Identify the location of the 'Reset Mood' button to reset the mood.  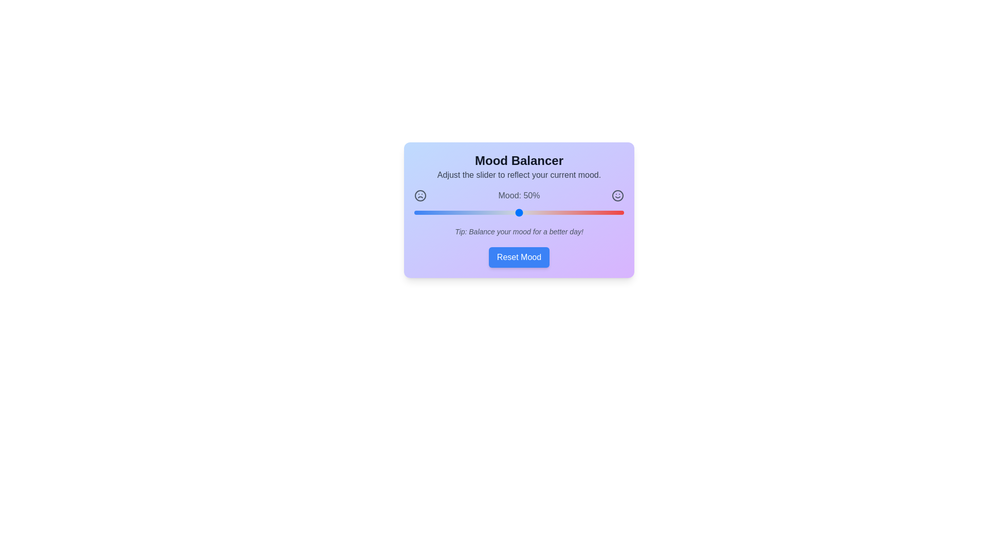
(519, 257).